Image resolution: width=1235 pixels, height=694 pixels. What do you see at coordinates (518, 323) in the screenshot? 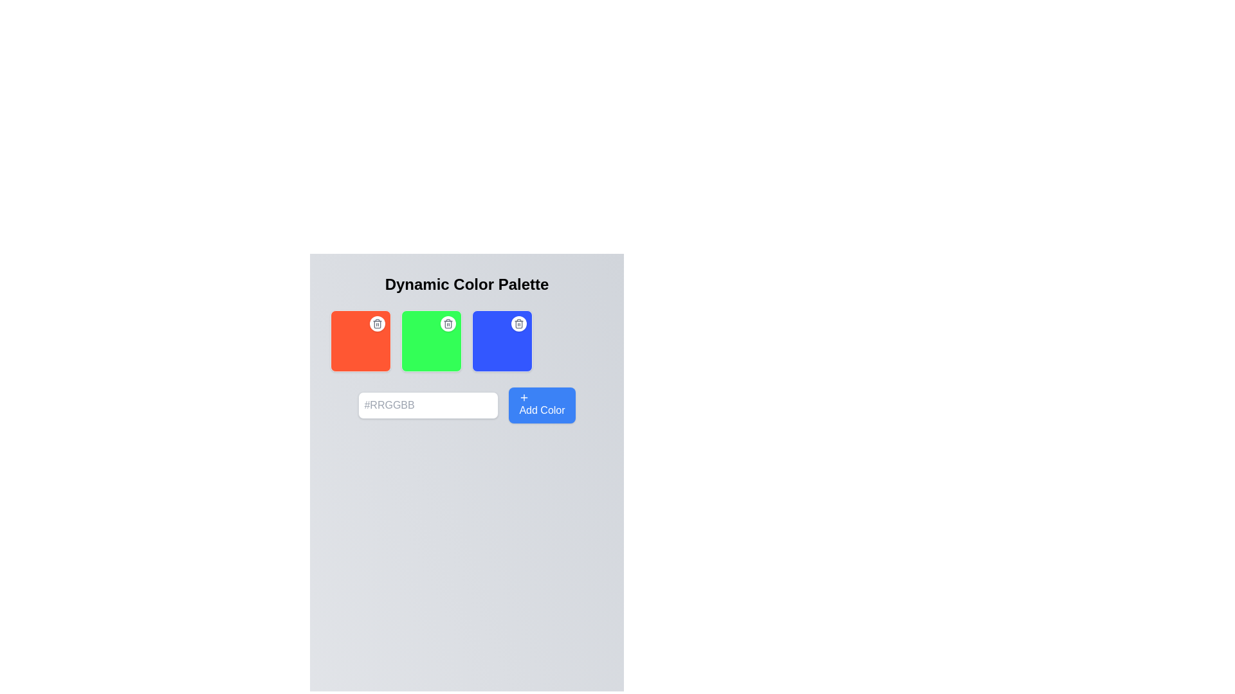
I see `the trash bin icon, which is the third icon within the color cards located at the top-right corner of the blue color card` at bounding box center [518, 323].